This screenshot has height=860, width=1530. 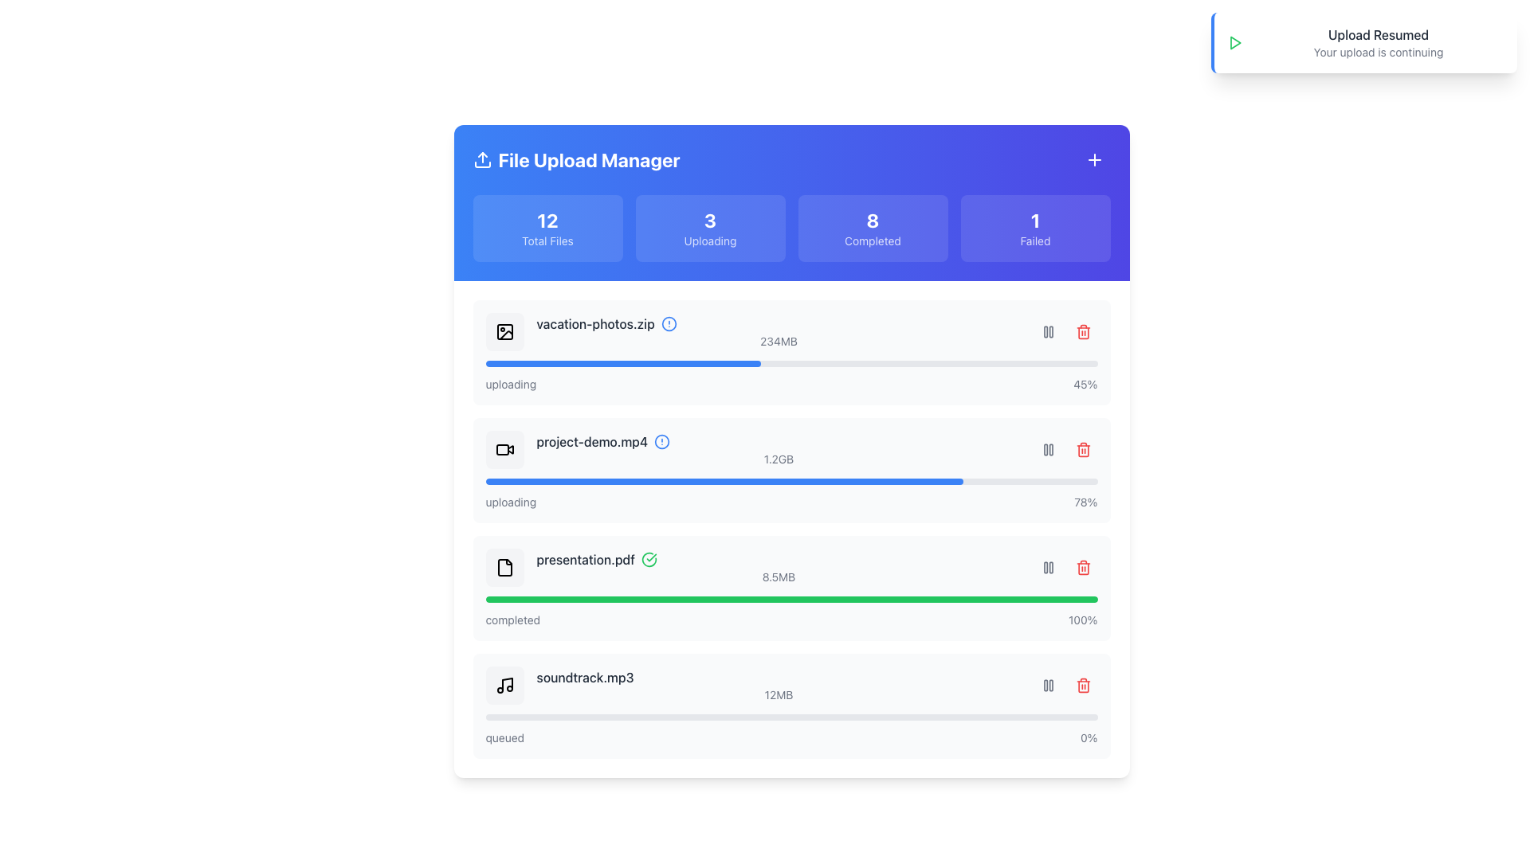 I want to click on the small button with a plus icon at its center in the top-right corner of the 'File Upload Manager' card, so click(x=1093, y=159).